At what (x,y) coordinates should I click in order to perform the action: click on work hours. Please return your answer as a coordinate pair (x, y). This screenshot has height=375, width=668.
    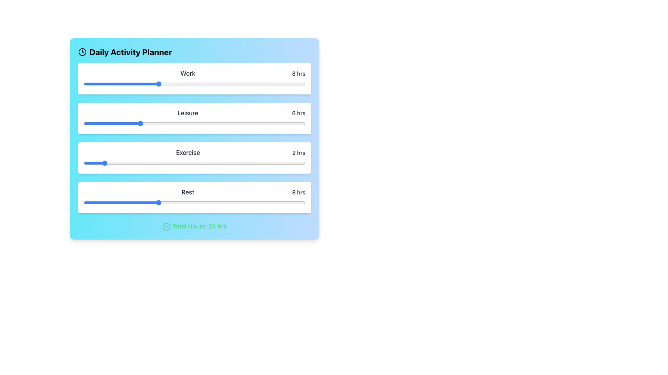
    Looking at the image, I should click on (287, 84).